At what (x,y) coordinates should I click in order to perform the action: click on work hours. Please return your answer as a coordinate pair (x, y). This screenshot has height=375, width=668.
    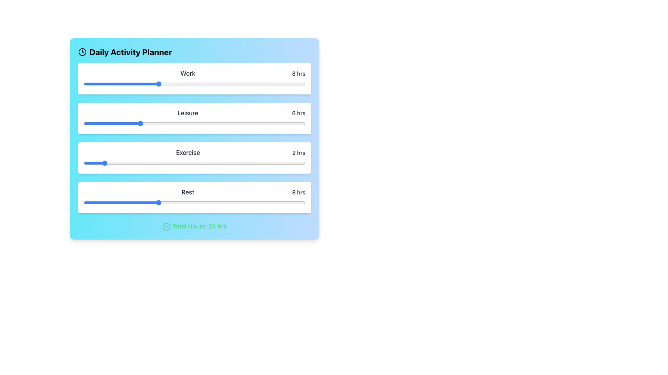
    Looking at the image, I should click on (287, 84).